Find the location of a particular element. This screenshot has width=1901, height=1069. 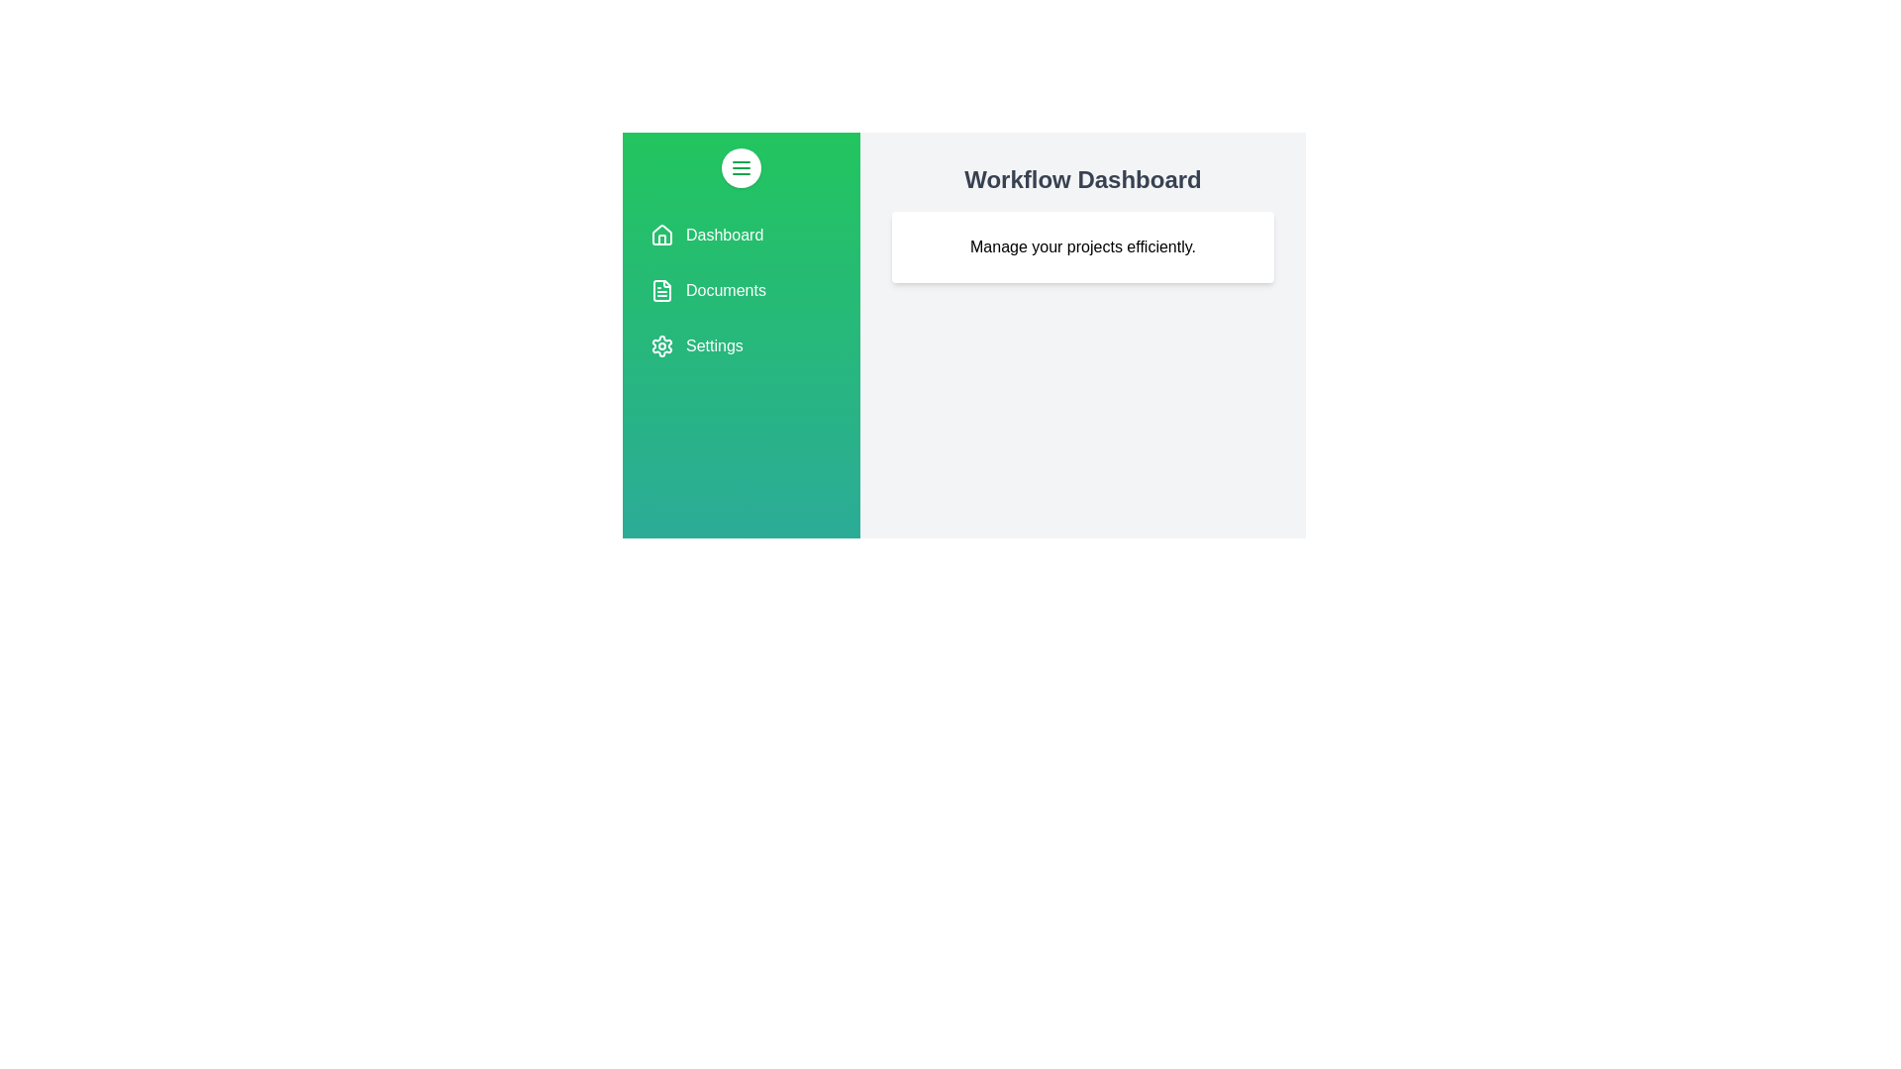

the drawer item Settings to highlight it is located at coordinates (740, 345).